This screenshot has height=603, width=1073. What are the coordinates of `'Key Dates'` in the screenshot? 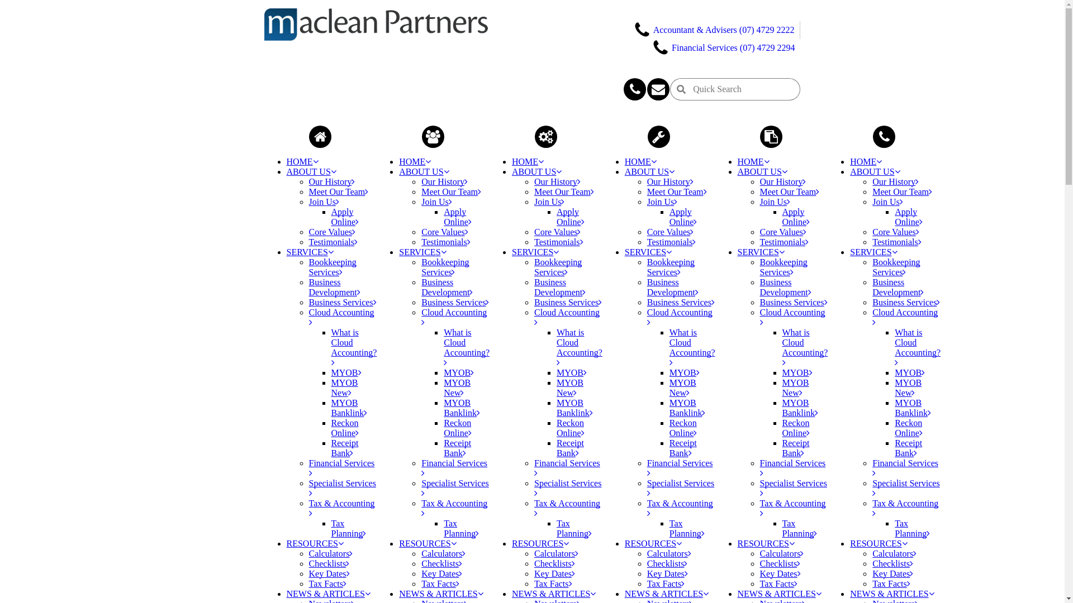 It's located at (892, 573).